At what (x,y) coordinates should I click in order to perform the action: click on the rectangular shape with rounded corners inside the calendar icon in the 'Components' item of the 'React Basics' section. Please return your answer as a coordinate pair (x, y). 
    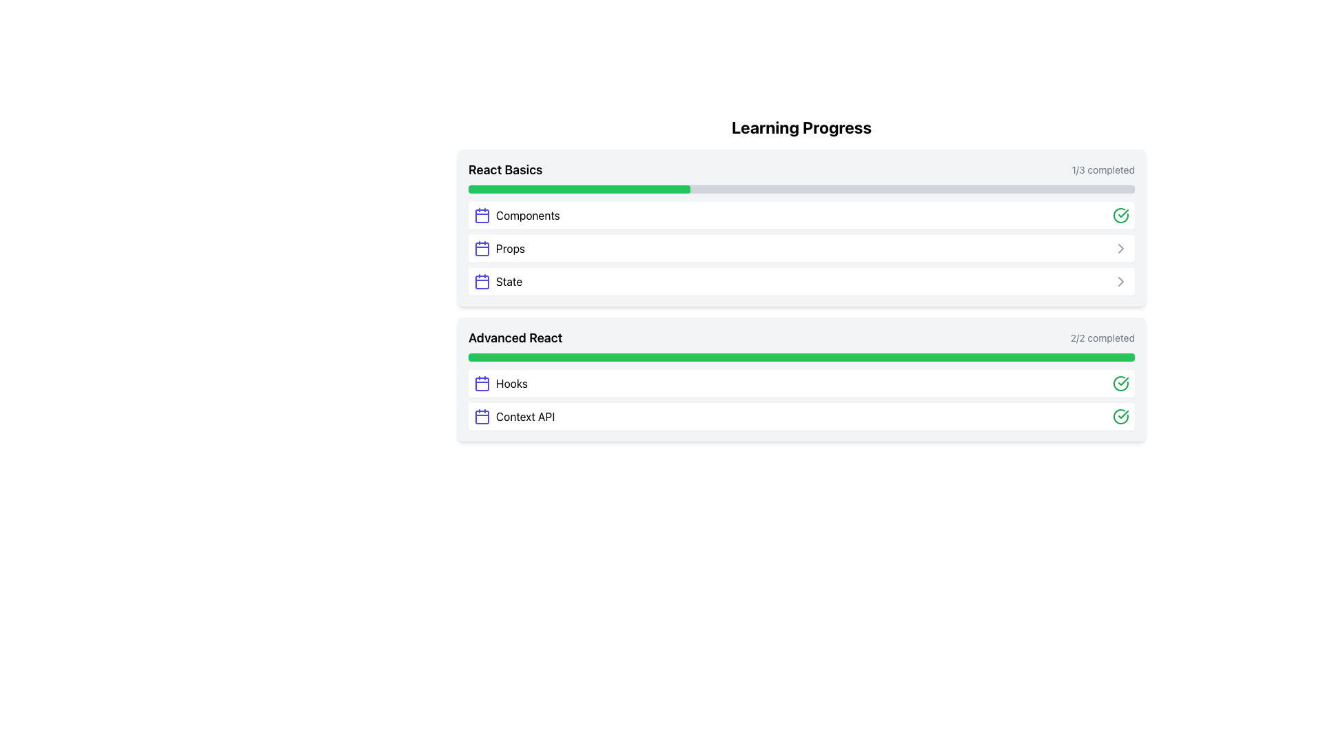
    Looking at the image, I should click on (482, 216).